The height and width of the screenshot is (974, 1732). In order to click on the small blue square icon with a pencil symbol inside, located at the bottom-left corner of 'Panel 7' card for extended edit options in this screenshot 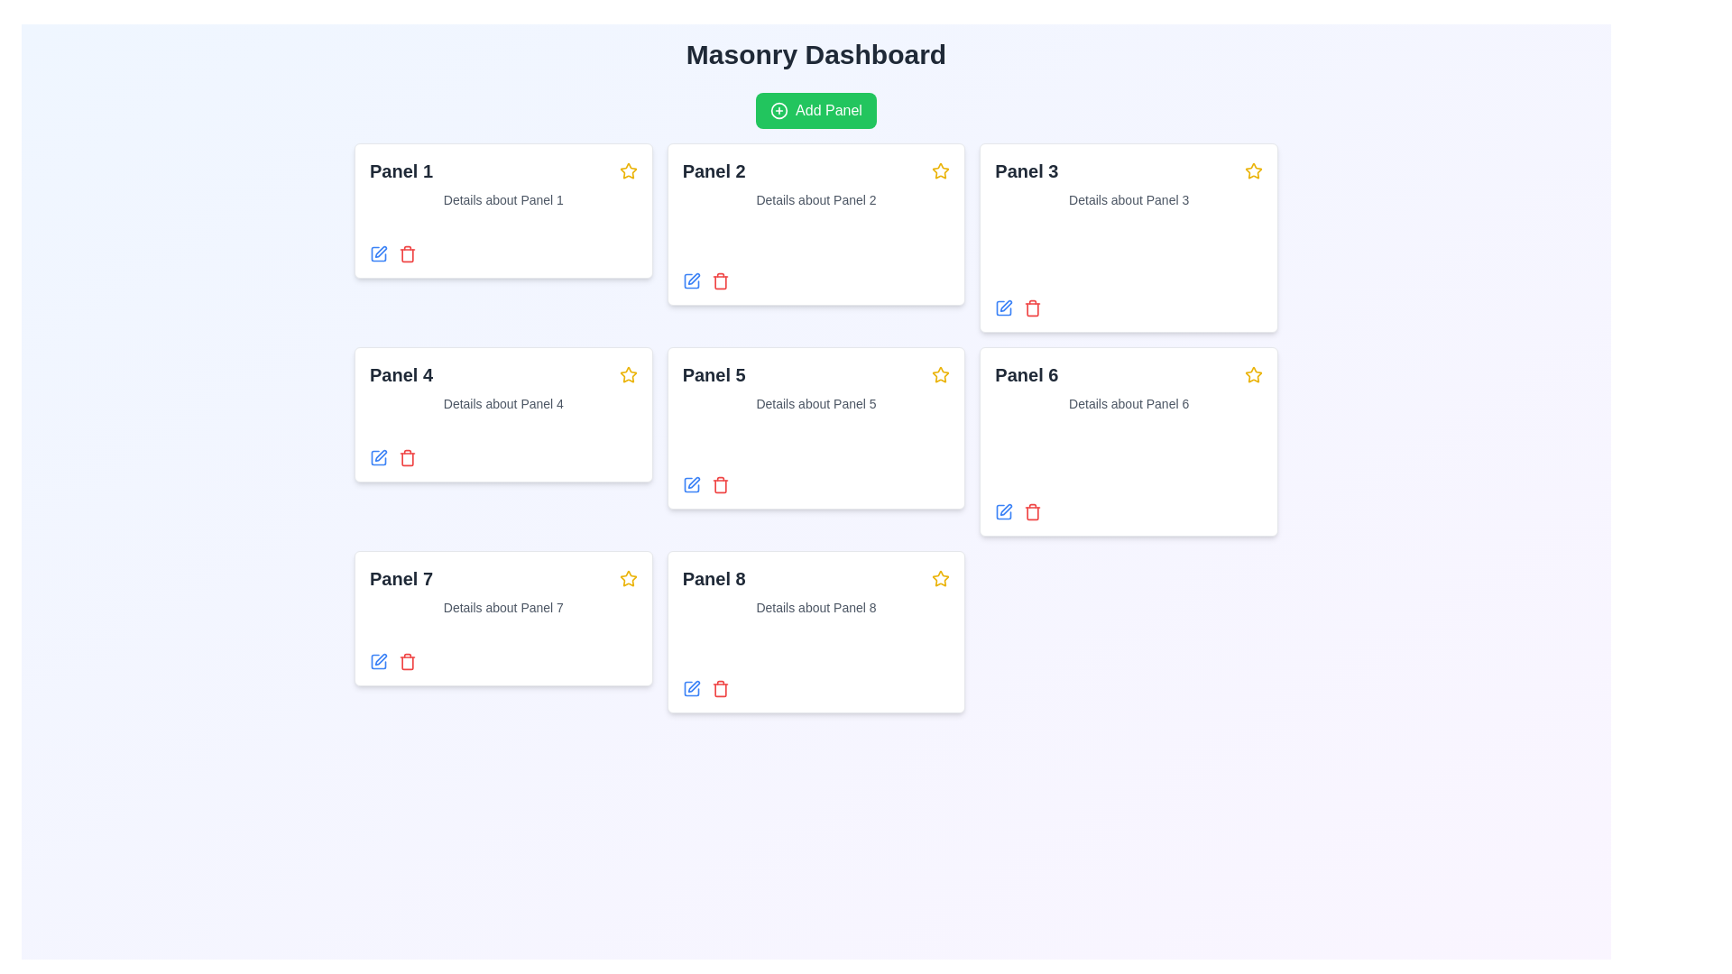, I will do `click(378, 661)`.